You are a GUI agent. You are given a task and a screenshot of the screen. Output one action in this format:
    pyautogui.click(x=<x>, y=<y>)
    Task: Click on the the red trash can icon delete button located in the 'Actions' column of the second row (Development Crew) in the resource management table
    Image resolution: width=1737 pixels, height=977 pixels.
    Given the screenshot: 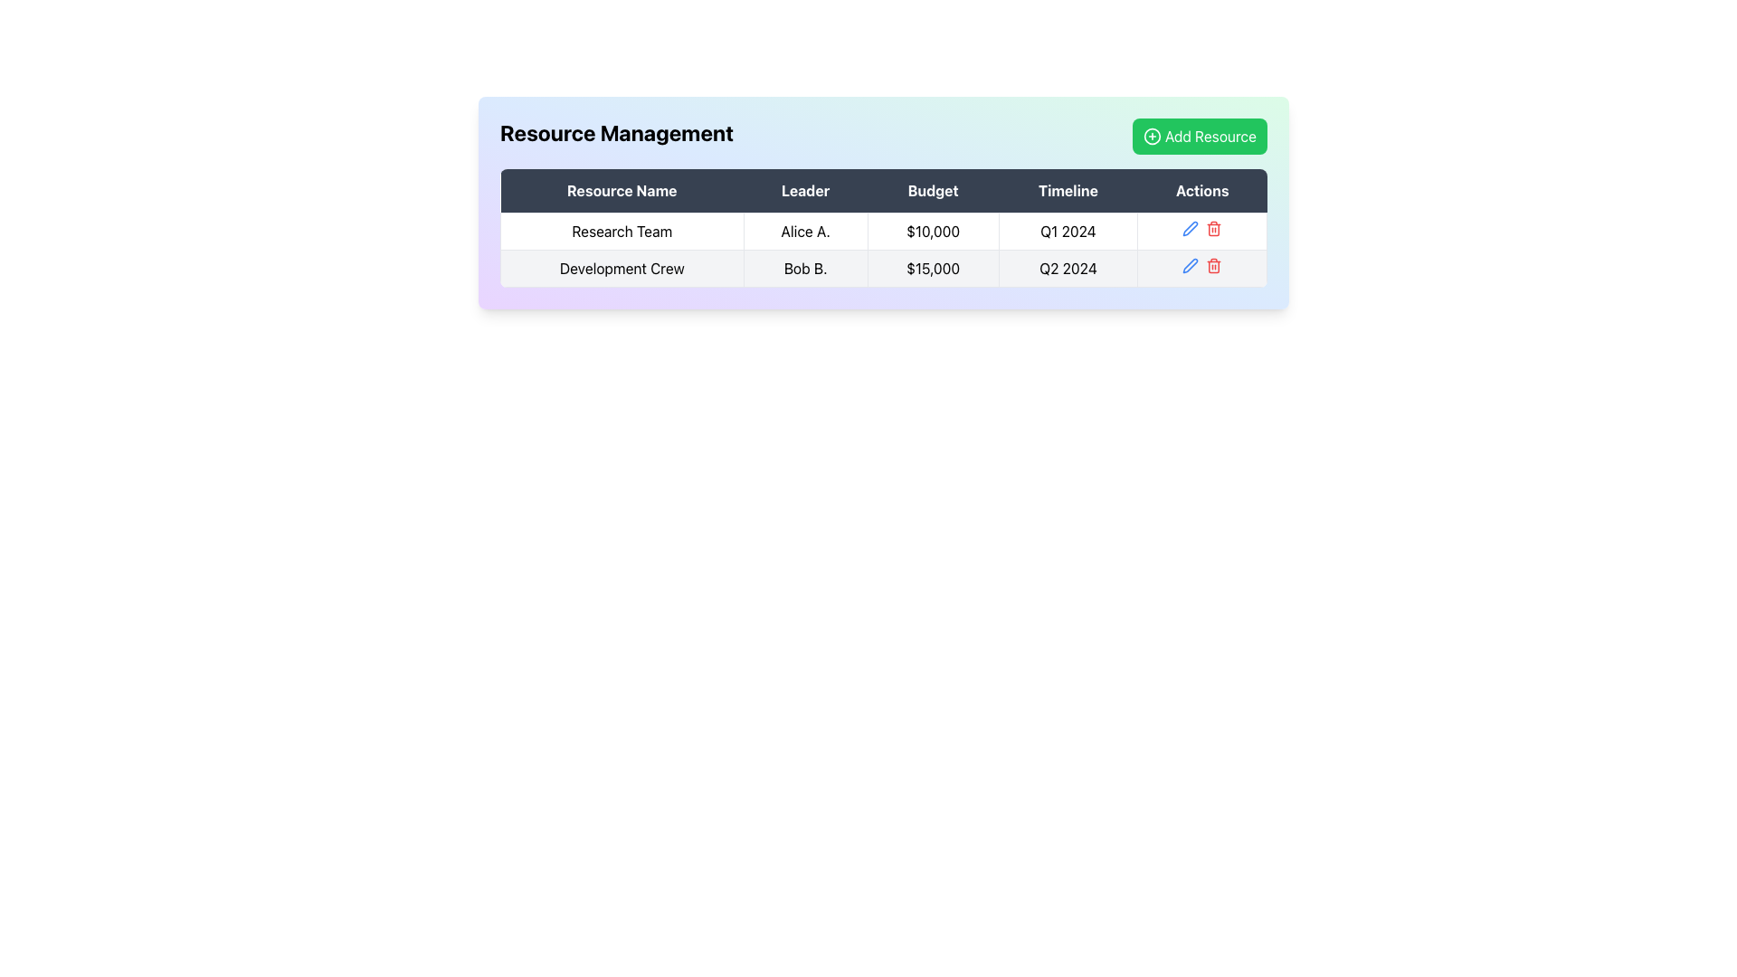 What is the action you would take?
    pyautogui.click(x=1214, y=265)
    